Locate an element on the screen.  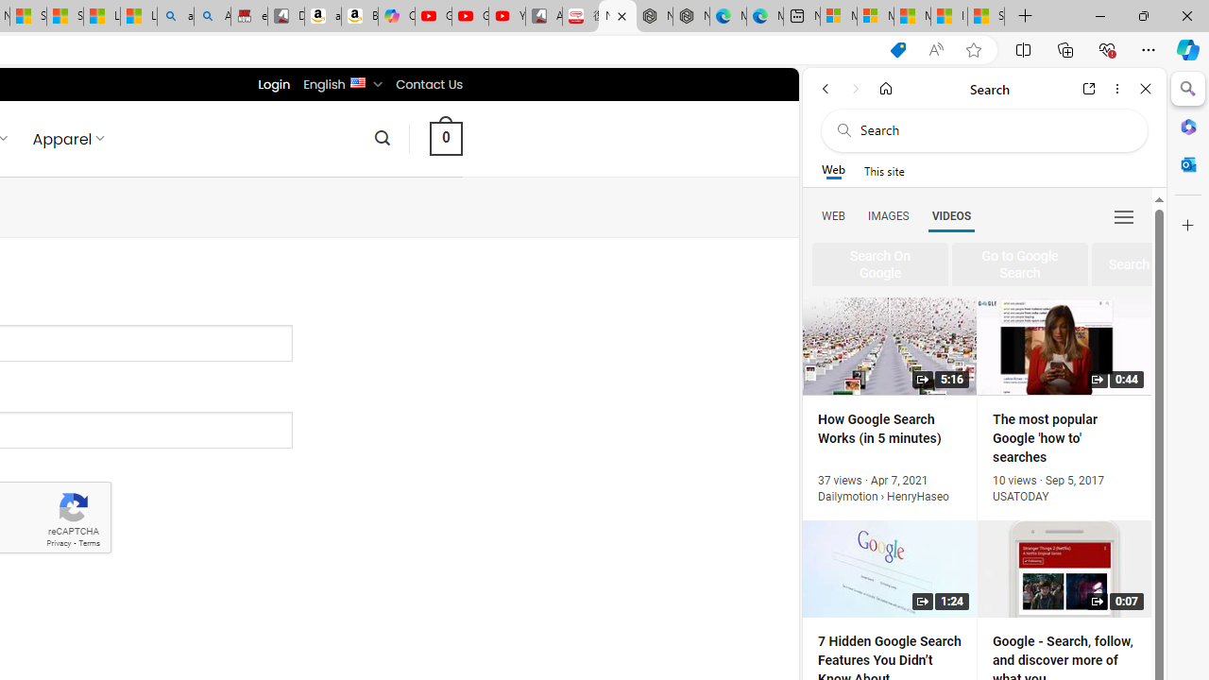
'Microsoft 365' is located at coordinates (1187, 126).